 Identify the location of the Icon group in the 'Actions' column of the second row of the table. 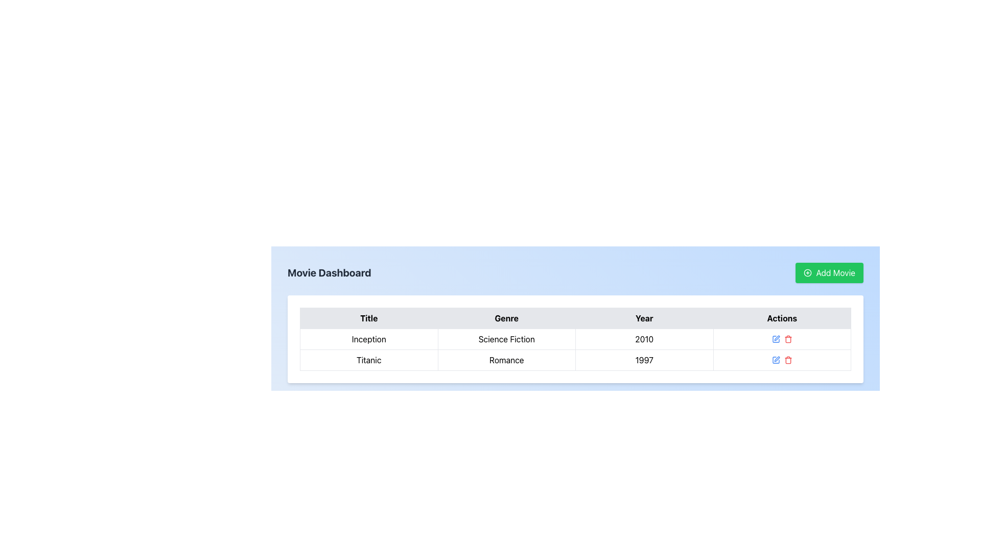
(781, 359).